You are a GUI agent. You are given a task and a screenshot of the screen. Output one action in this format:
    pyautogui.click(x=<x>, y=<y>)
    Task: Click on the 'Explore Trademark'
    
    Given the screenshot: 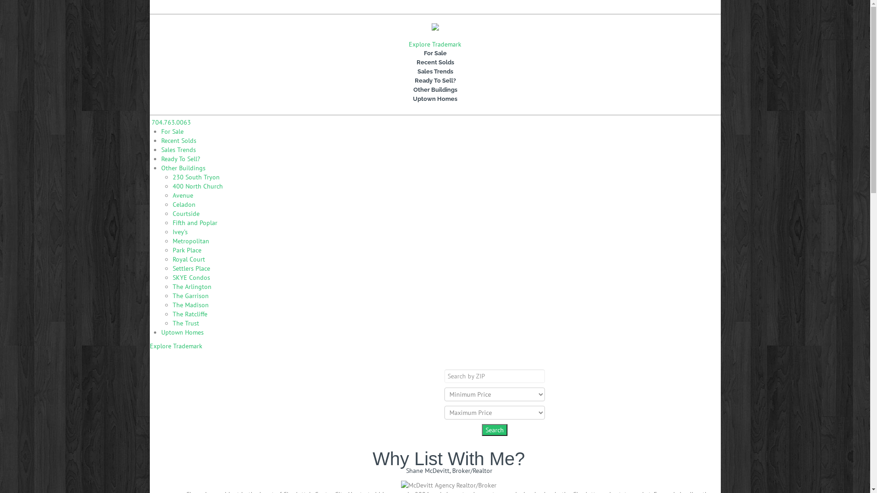 What is the action you would take?
    pyautogui.click(x=149, y=346)
    